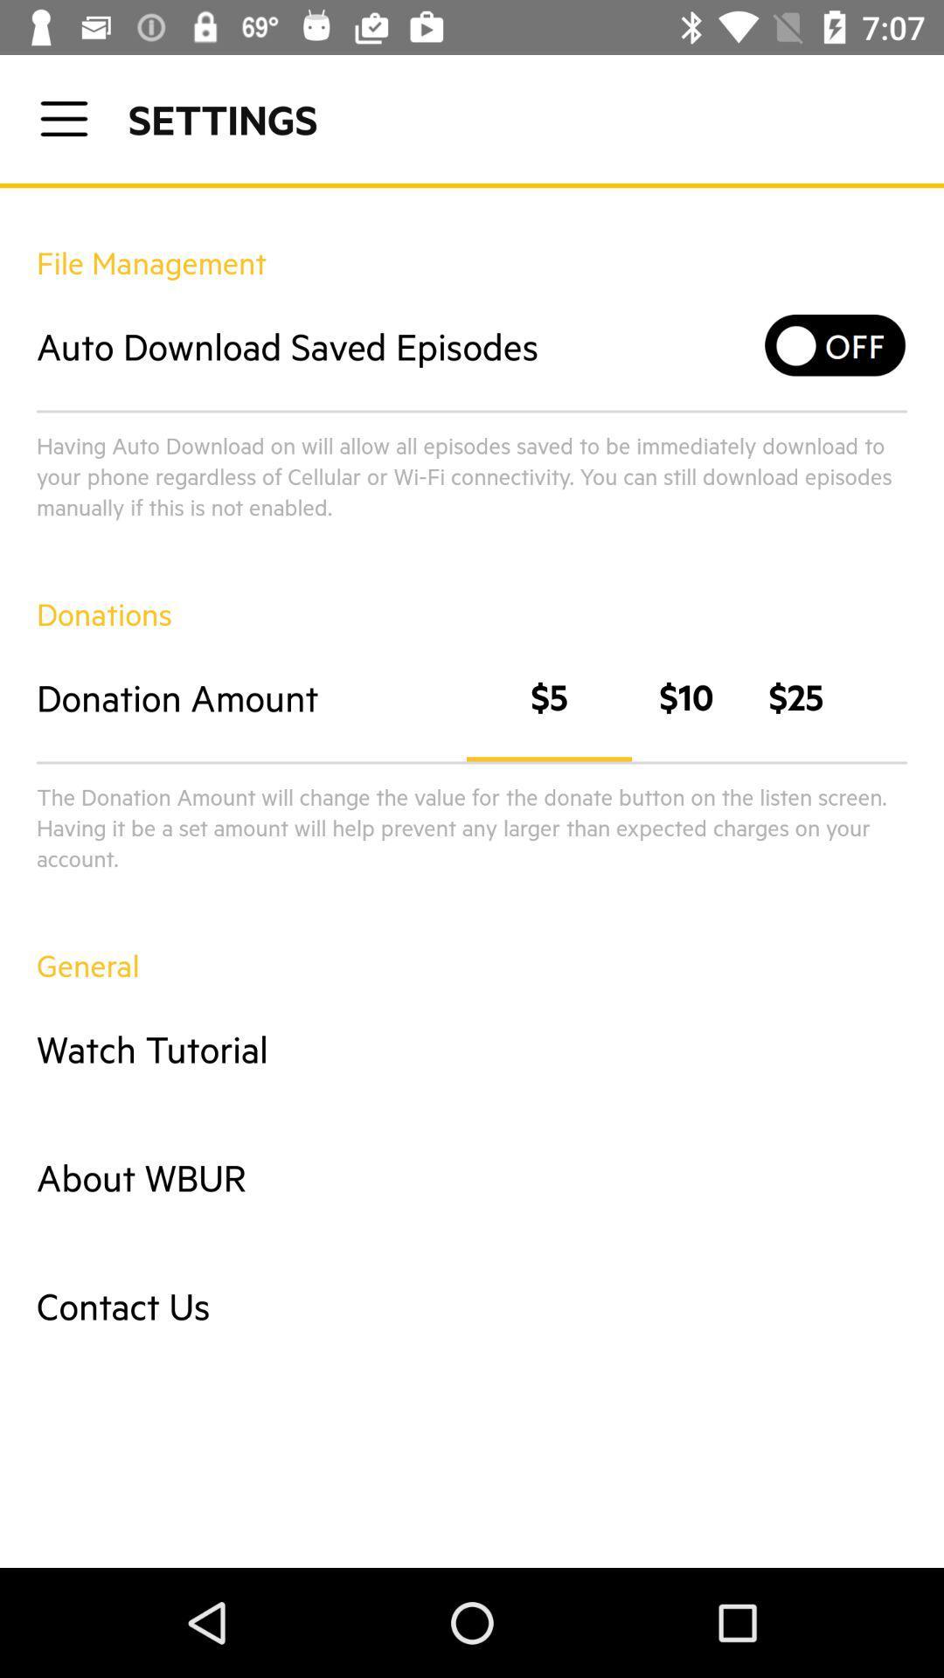 This screenshot has height=1678, width=944. Describe the element at coordinates (472, 1177) in the screenshot. I see `icon above the contact us` at that location.